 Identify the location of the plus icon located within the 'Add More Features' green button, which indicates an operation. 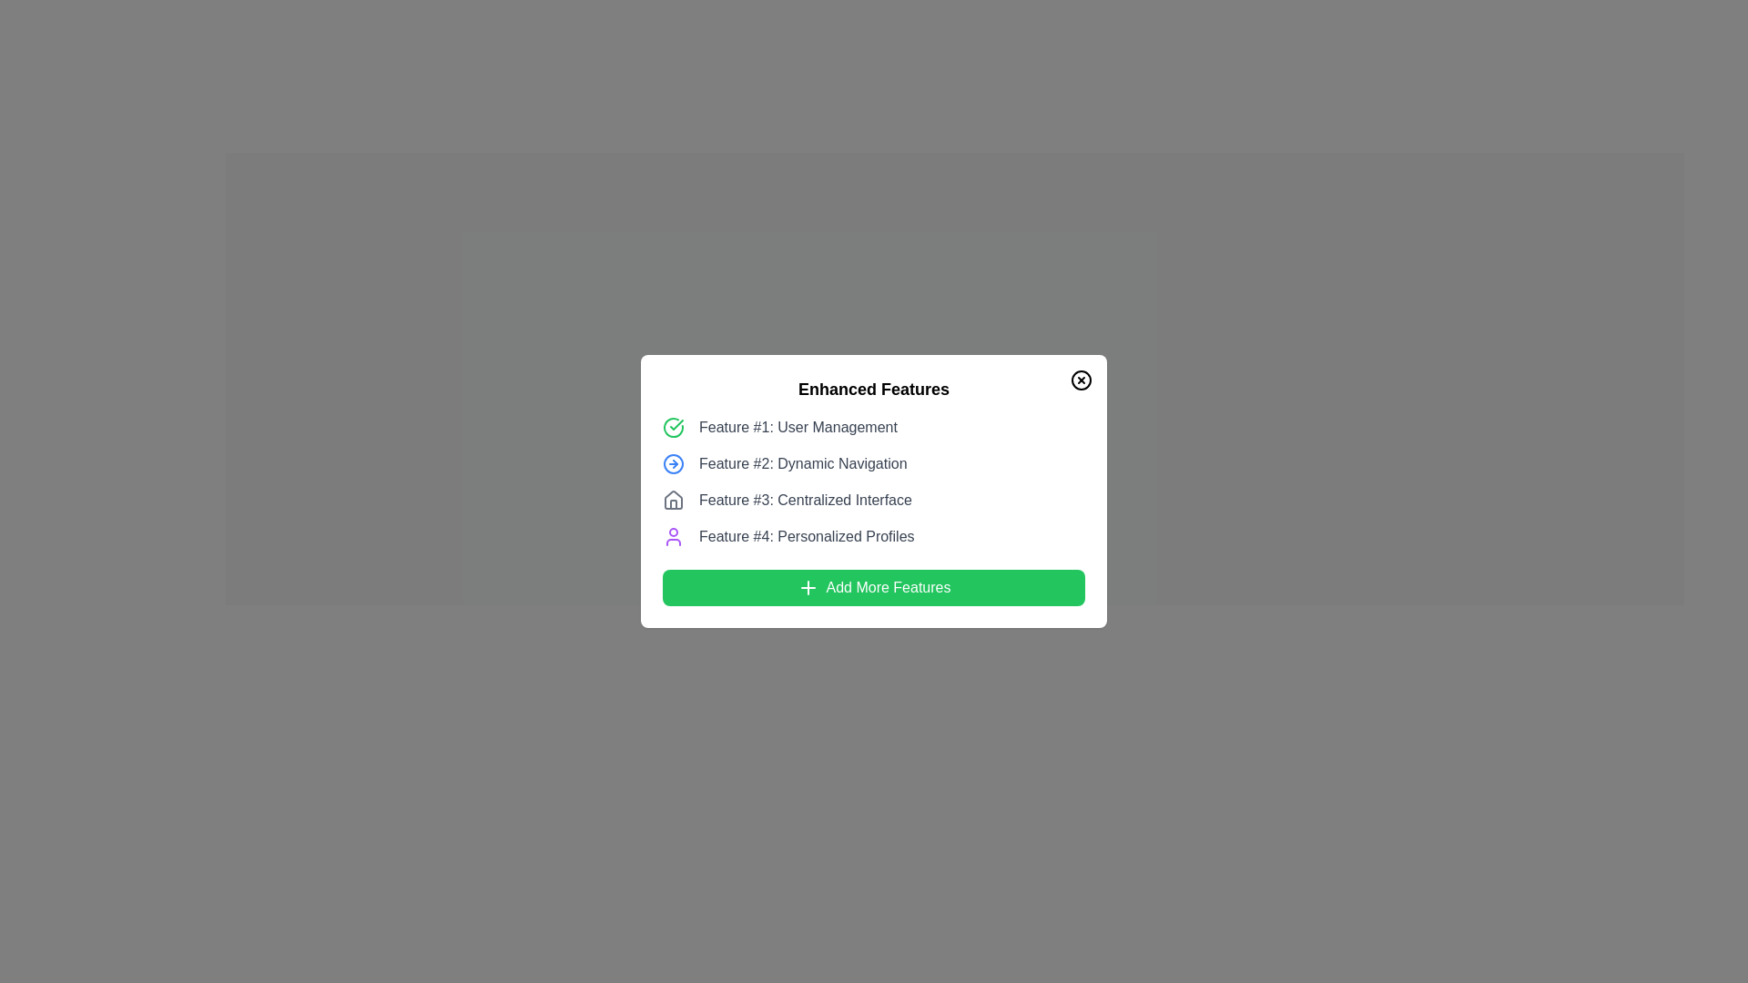
(807, 587).